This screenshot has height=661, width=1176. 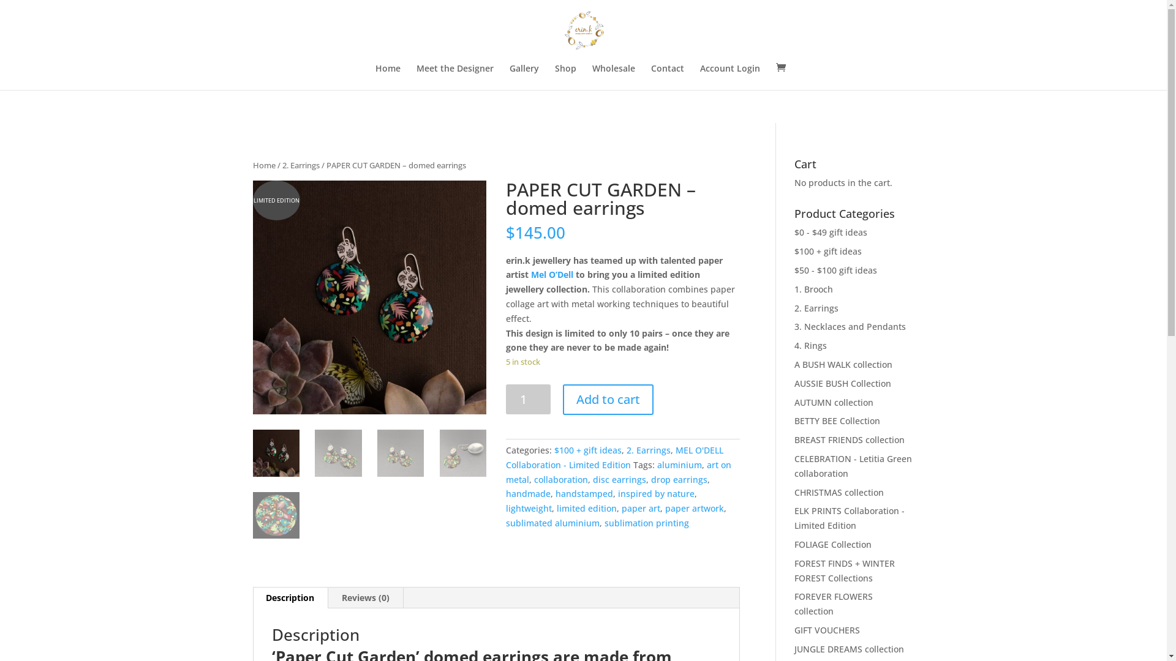 What do you see at coordinates (794, 383) in the screenshot?
I see `'AUSSIE BUSH Collection'` at bounding box center [794, 383].